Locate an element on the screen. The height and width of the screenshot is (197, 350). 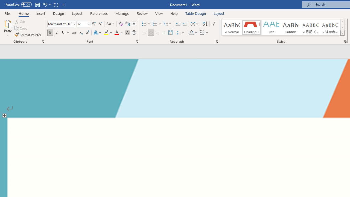
'Cut' is located at coordinates (20, 21).